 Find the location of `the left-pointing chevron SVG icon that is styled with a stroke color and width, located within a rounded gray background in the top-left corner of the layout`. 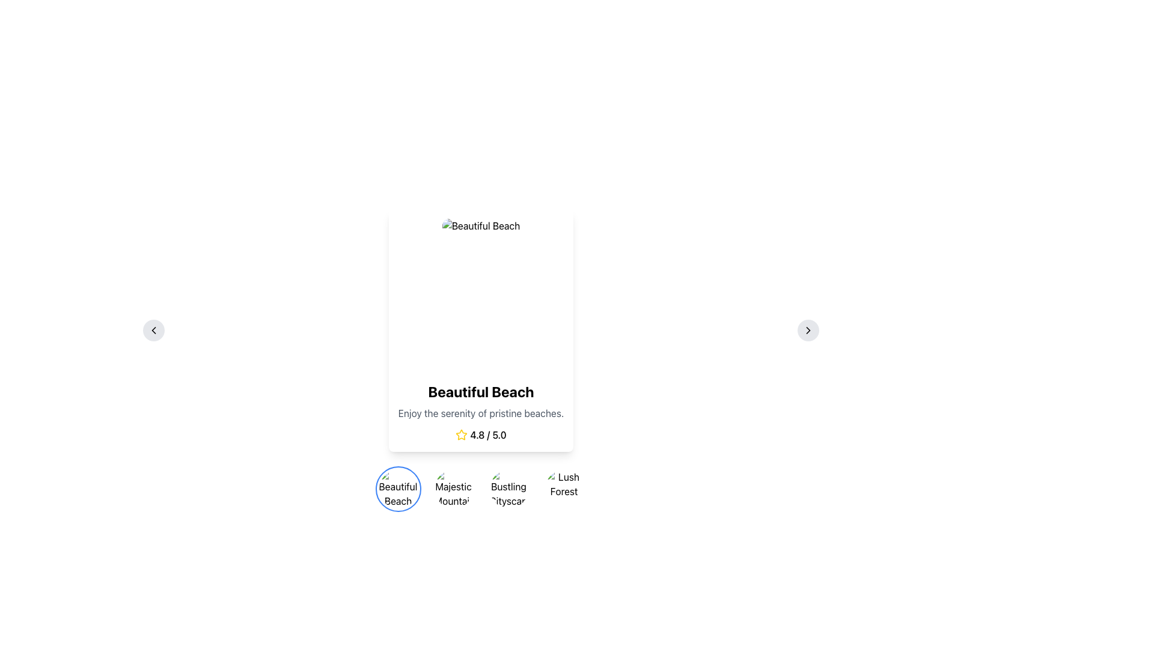

the left-pointing chevron SVG icon that is styled with a stroke color and width, located within a rounded gray background in the top-left corner of the layout is located at coordinates (153, 331).